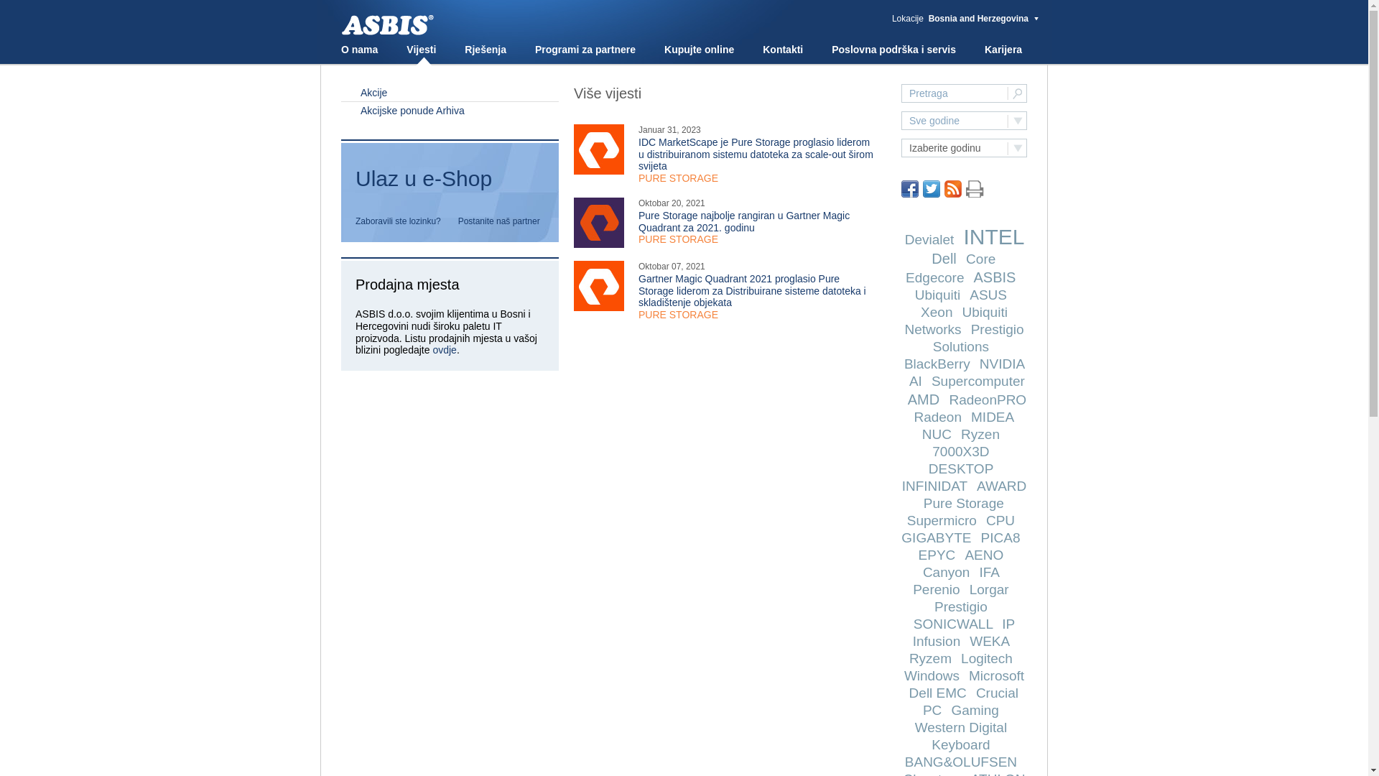  I want to click on 'Programi za partnere', so click(534, 49).